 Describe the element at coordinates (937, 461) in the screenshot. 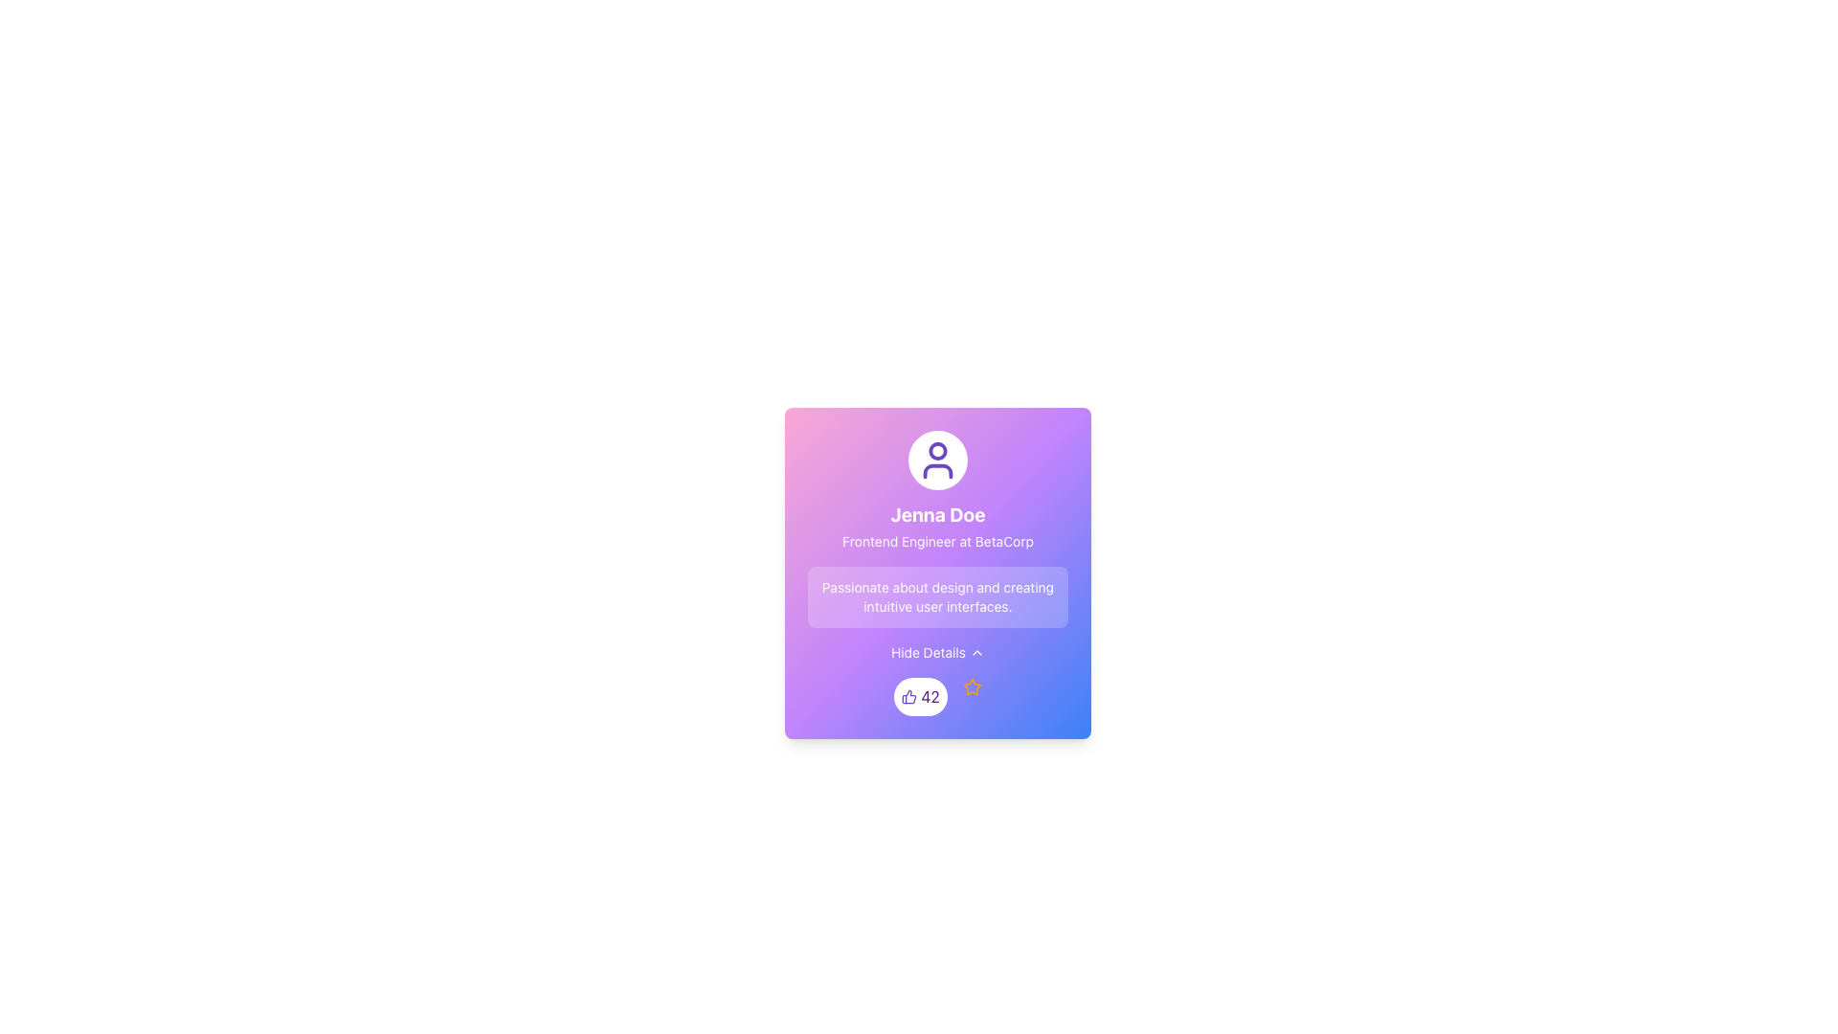

I see `the circular user profile silhouette icon with a purple outline, located at the top center of the card, above the text content` at that location.